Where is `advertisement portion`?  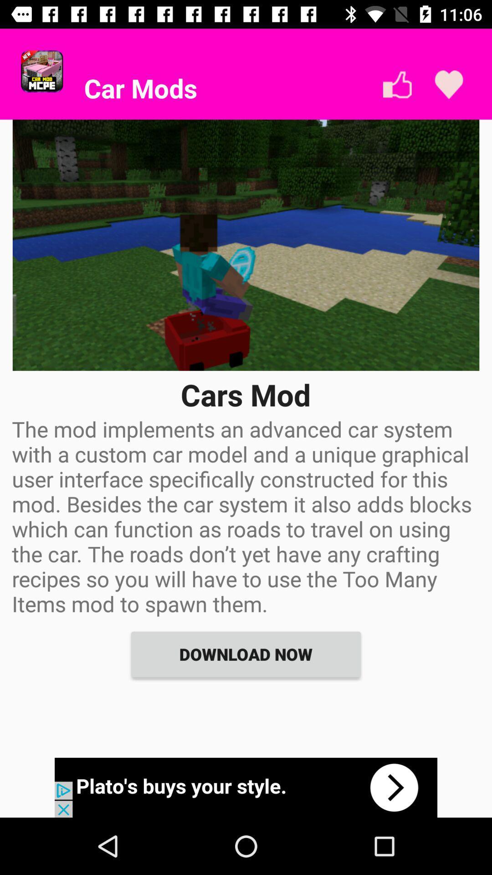 advertisement portion is located at coordinates (246, 787).